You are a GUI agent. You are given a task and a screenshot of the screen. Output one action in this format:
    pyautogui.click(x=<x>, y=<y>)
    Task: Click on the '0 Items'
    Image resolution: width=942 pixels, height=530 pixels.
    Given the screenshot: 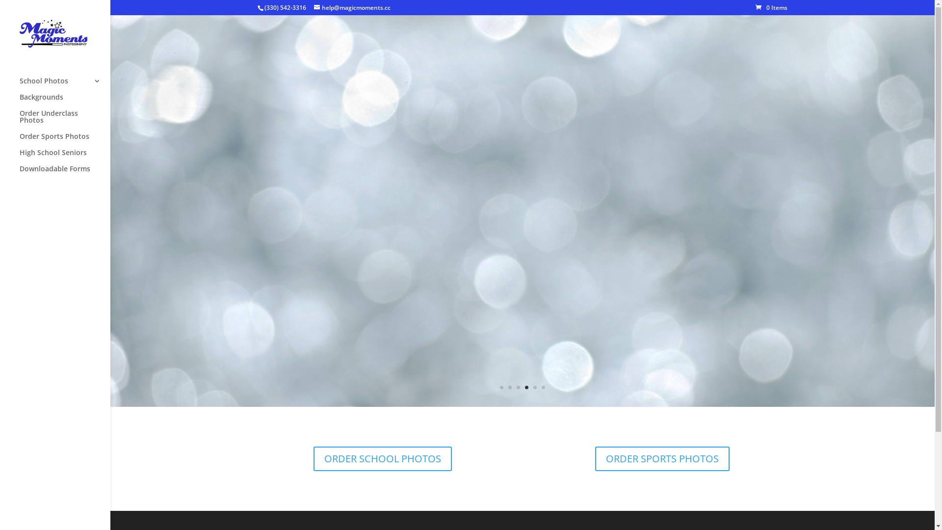 What is the action you would take?
    pyautogui.click(x=771, y=7)
    